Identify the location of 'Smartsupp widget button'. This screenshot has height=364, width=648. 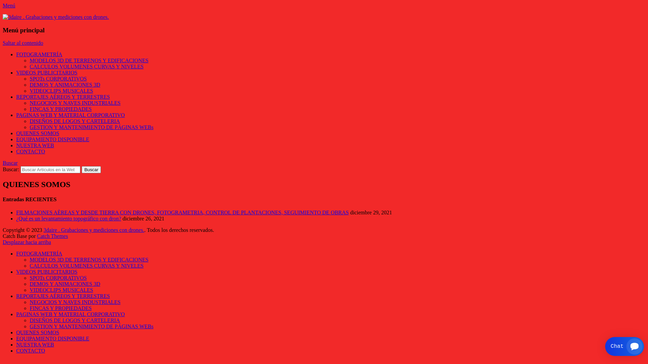
(624, 346).